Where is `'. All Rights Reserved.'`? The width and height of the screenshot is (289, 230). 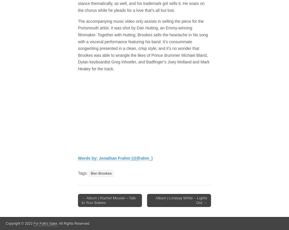 '. All Rights Reserved.' is located at coordinates (73, 223).